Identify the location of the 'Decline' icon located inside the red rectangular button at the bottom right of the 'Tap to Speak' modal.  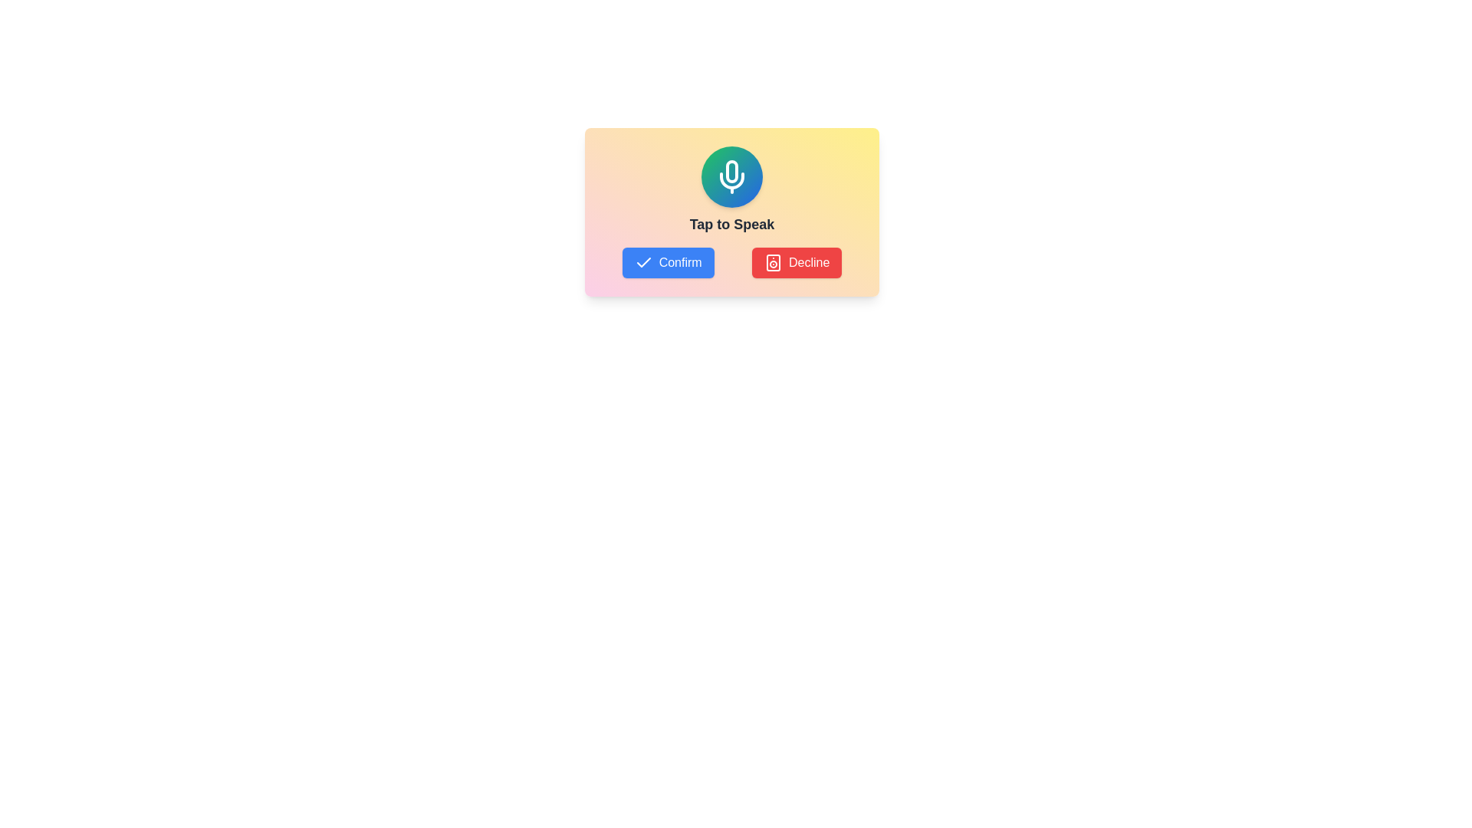
(773, 262).